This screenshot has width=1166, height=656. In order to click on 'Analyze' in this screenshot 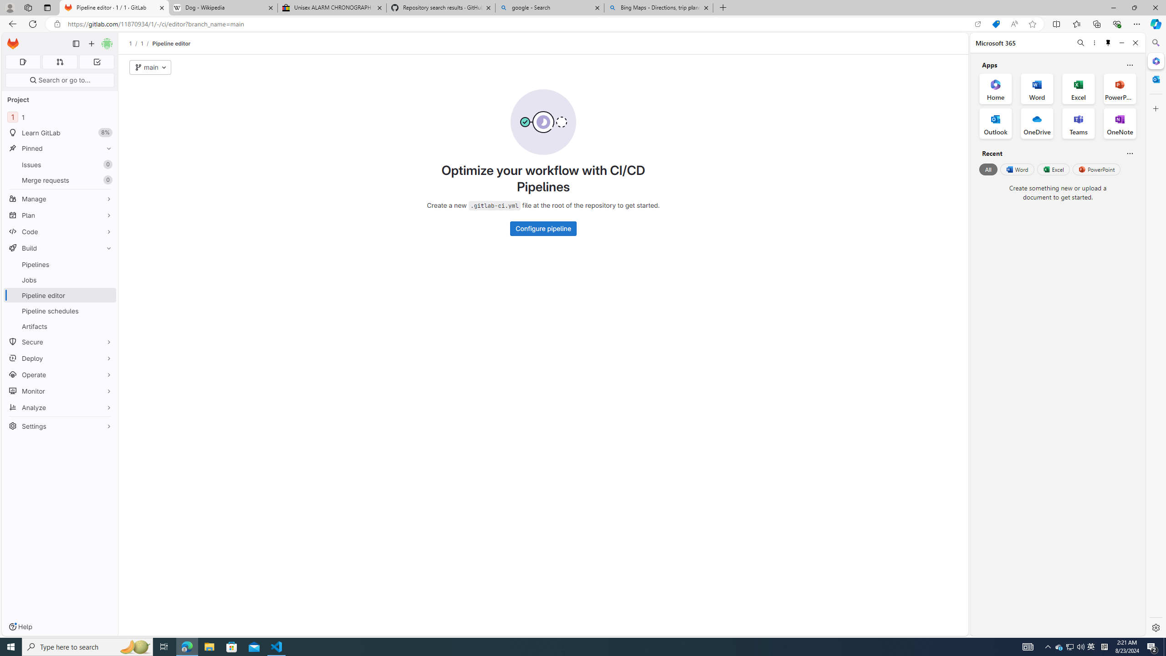, I will do `click(59, 407)`.